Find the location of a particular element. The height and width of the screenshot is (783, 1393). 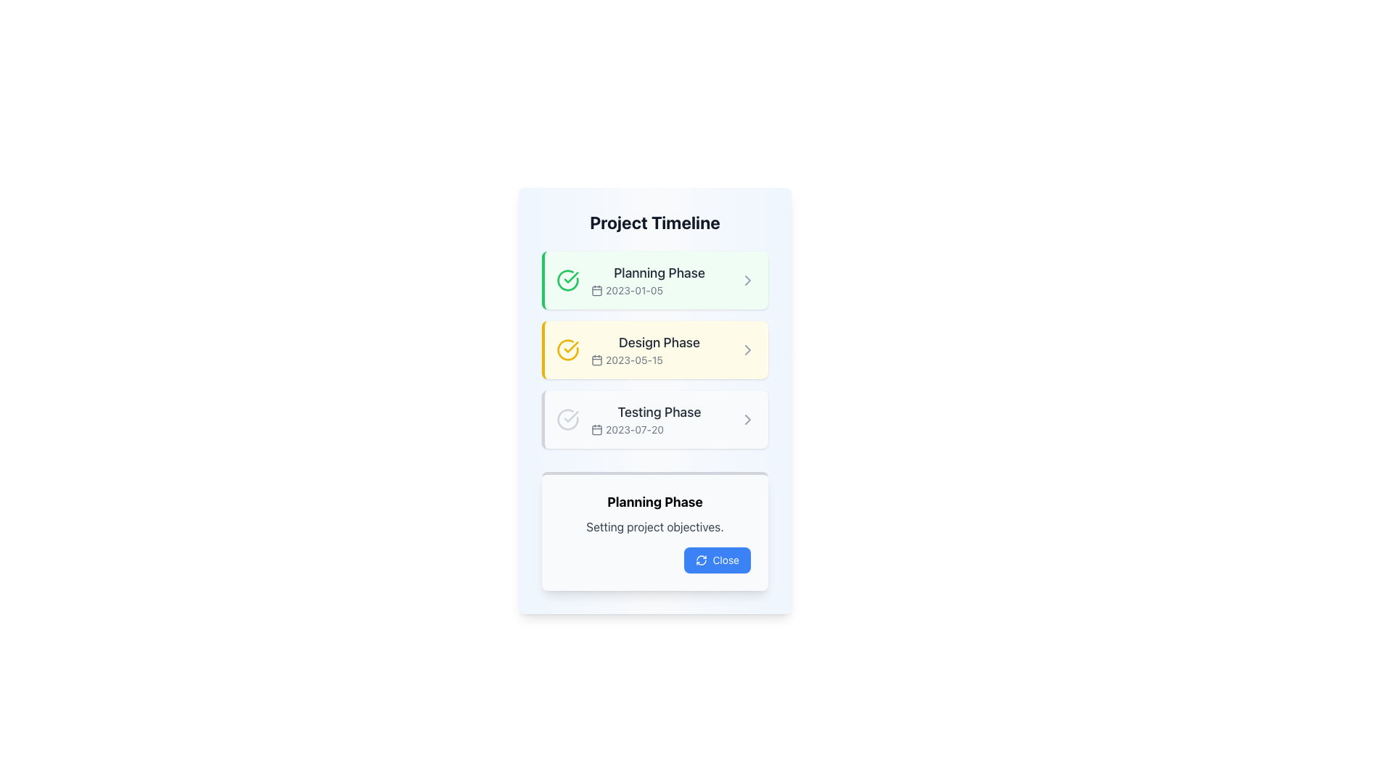

the second right-pointing chevron arrow icon located in the 'Design Phase' row under the 'Project Timeline' section is located at coordinates (748, 349).